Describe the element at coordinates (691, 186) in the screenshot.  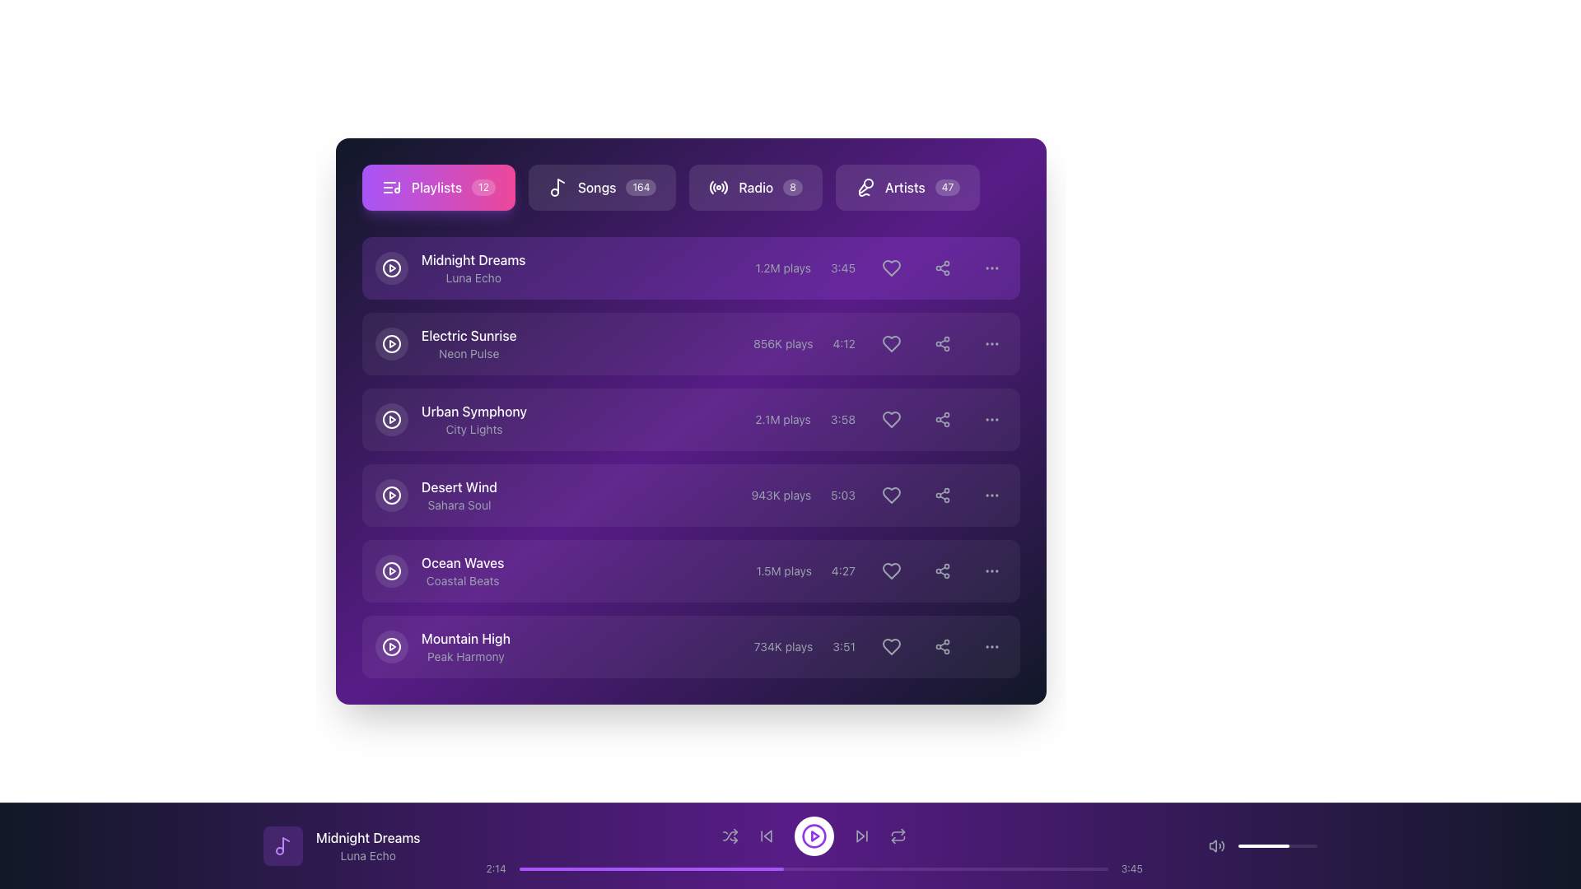
I see `the 'Radio' button, which is the third button from the left in a horizontal row of four buttons, located between the 'Songs' button and the 'Artists' button` at that location.